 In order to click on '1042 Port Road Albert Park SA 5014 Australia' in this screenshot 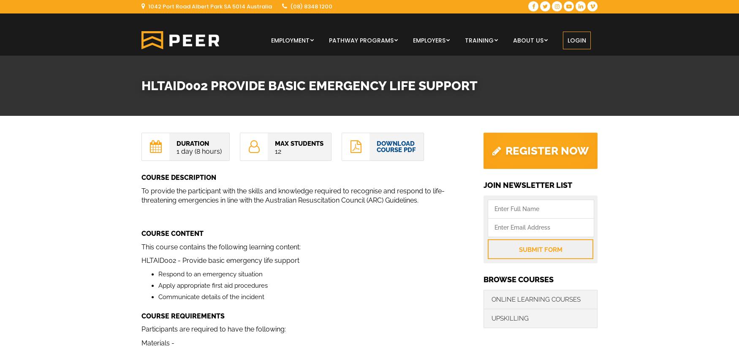, I will do `click(209, 6)`.